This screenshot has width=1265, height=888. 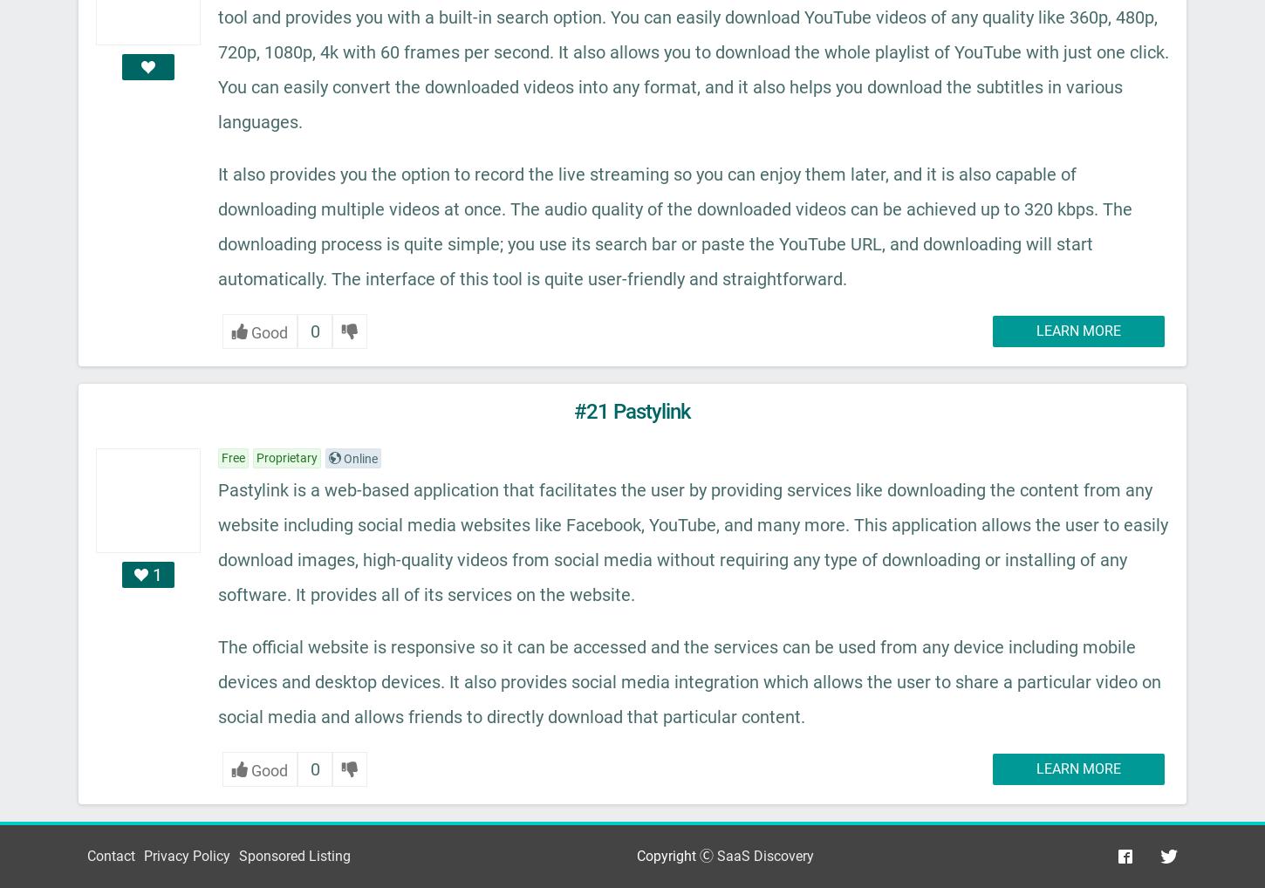 What do you see at coordinates (676, 856) in the screenshot?
I see `'Copyright Ⓒ'` at bounding box center [676, 856].